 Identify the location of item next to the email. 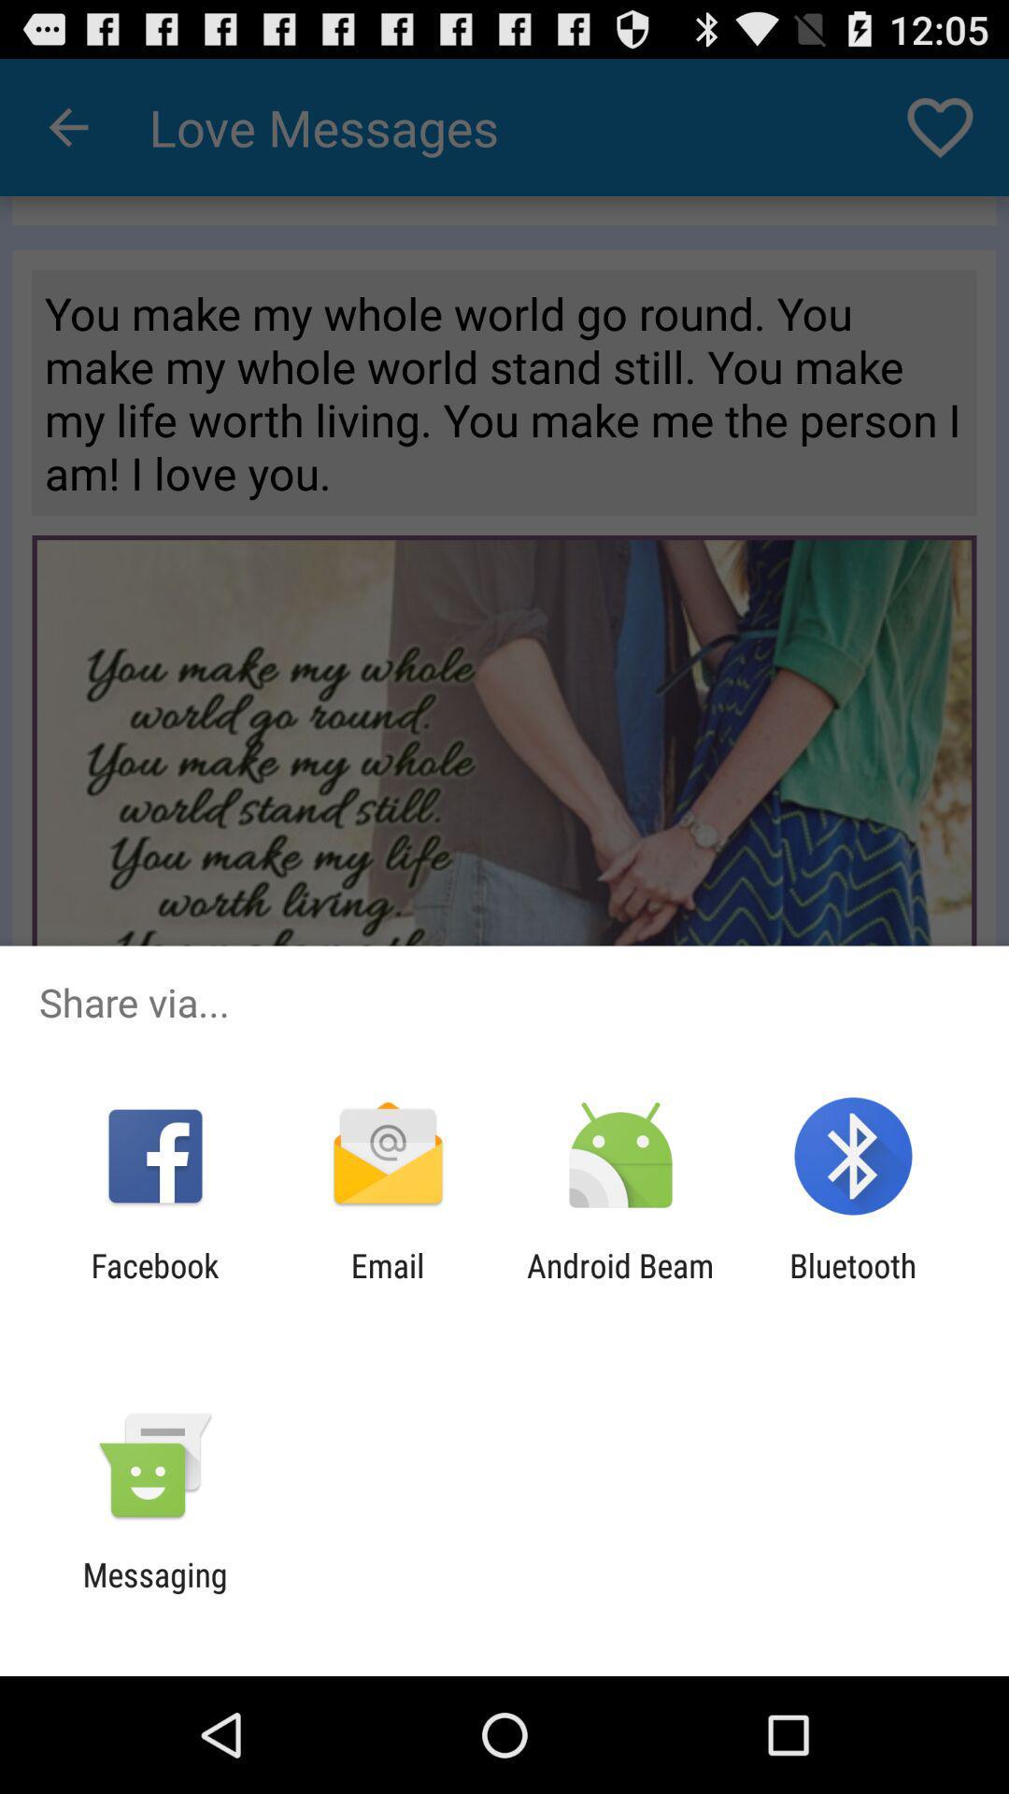
(154, 1284).